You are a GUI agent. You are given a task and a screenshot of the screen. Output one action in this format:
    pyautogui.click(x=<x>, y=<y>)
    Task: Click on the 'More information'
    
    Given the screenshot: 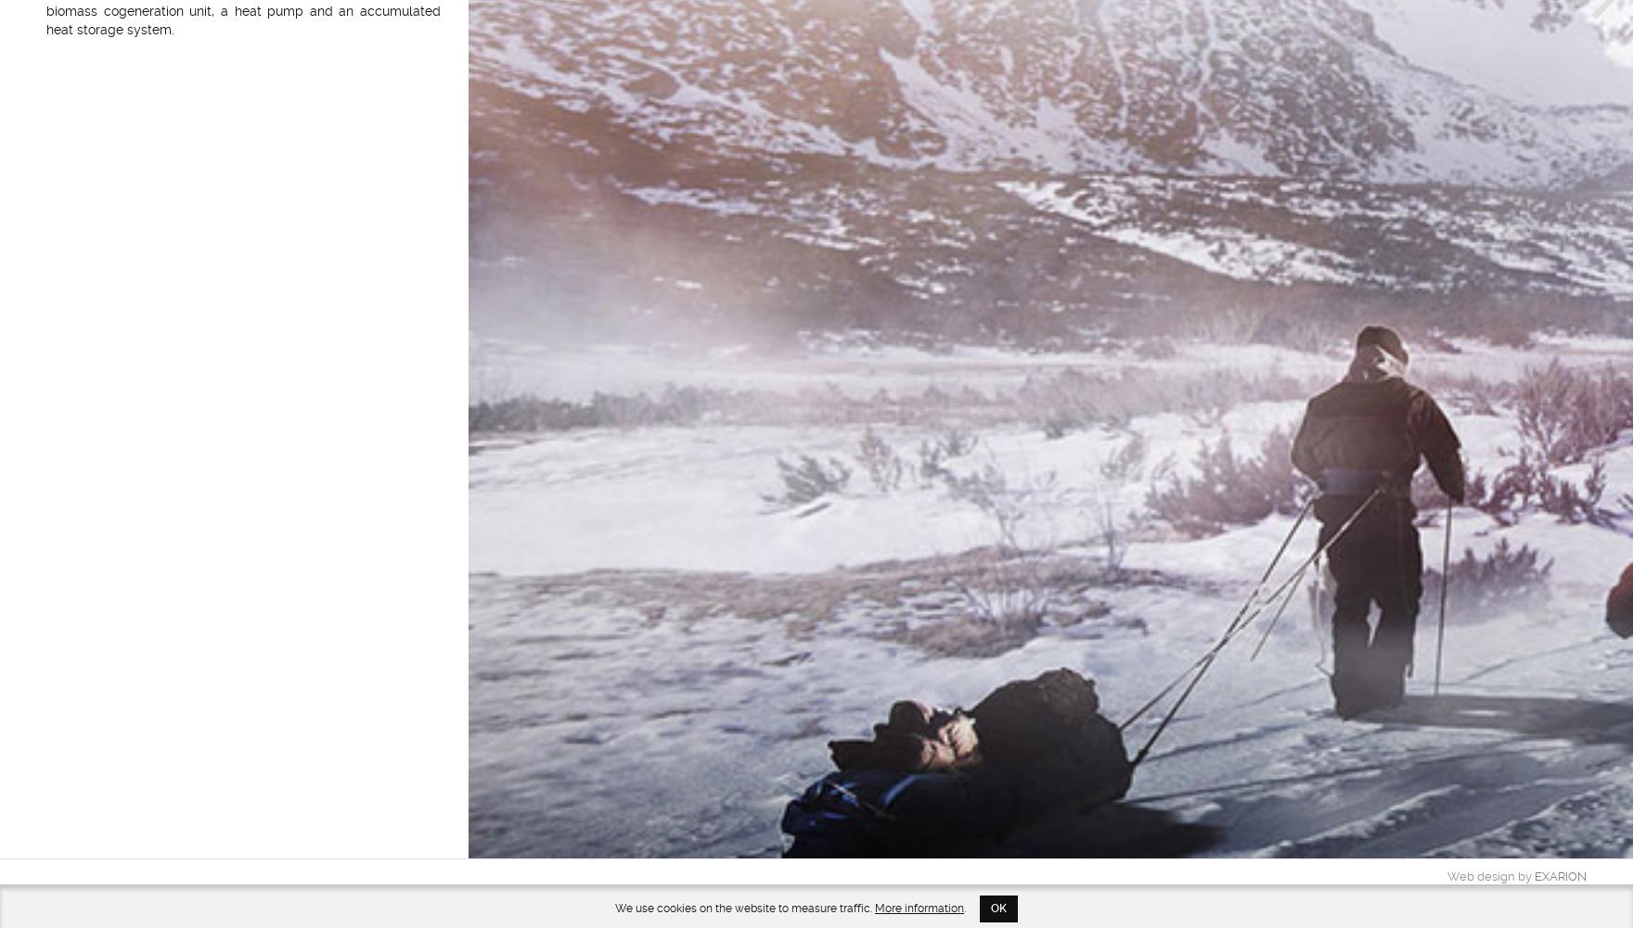 What is the action you would take?
    pyautogui.click(x=875, y=907)
    